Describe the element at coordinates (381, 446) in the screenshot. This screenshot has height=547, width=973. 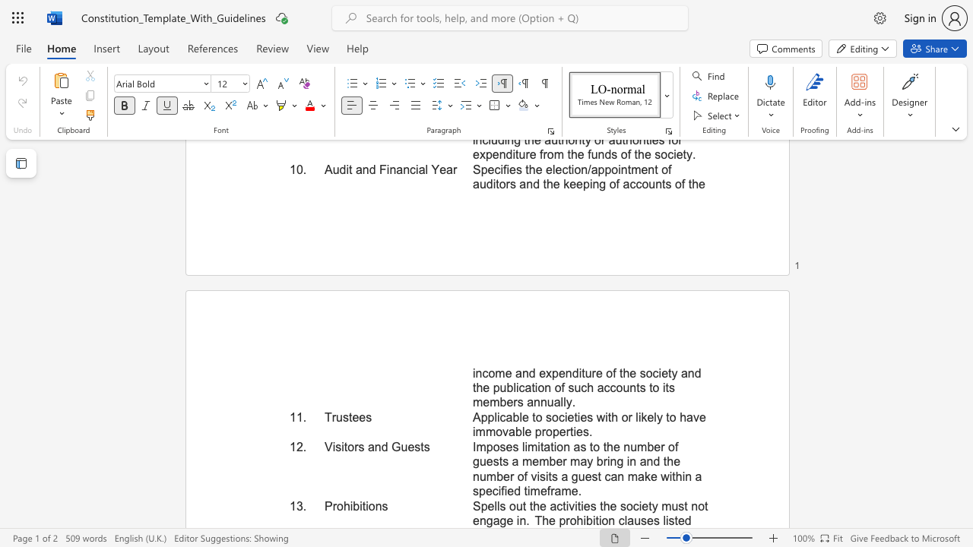
I see `the subset text "d Guests" within the text "Visitors and Guests"` at that location.